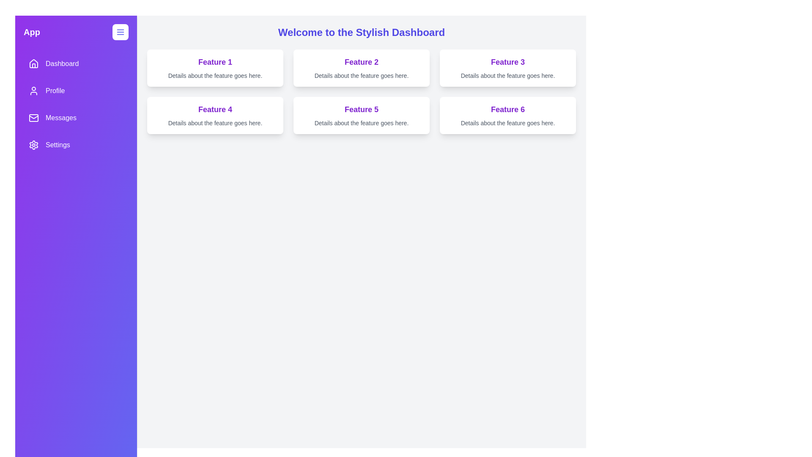 The image size is (812, 457). I want to click on the purple 'Dashboard' button with a white house icon, located at the top of the menu items list, so click(76, 63).